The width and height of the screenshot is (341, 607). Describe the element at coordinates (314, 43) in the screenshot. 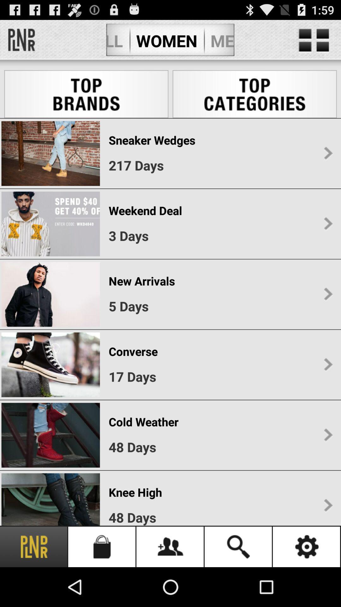

I see `the dashboard icon` at that location.